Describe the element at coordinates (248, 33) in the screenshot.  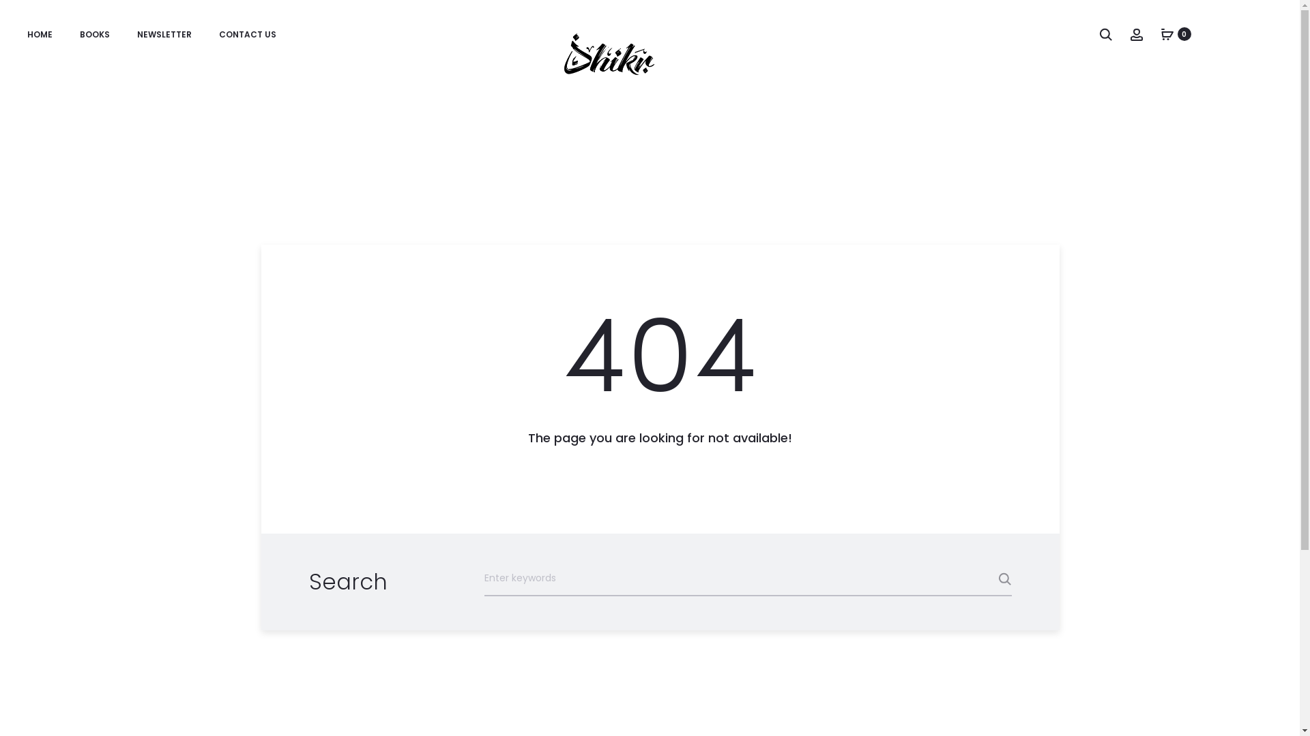
I see `'CONTACT US'` at that location.